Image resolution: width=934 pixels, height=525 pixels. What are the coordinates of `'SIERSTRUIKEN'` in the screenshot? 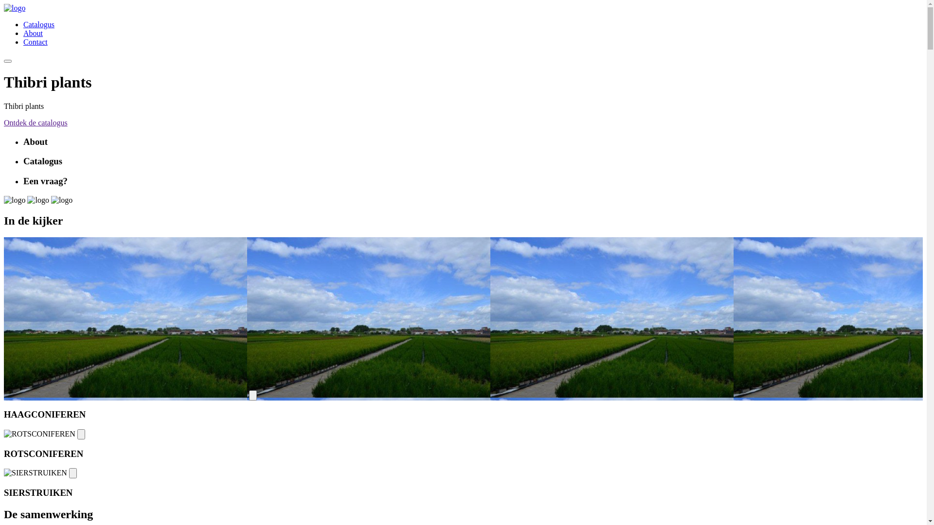 It's located at (4, 472).